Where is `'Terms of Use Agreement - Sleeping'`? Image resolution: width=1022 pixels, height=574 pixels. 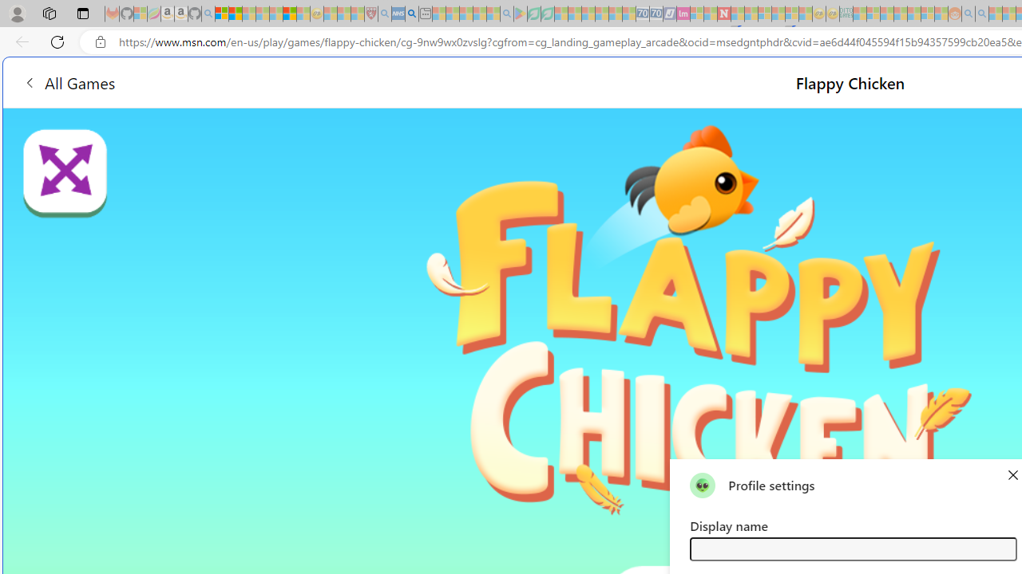
'Terms of Use Agreement - Sleeping' is located at coordinates (533, 14).